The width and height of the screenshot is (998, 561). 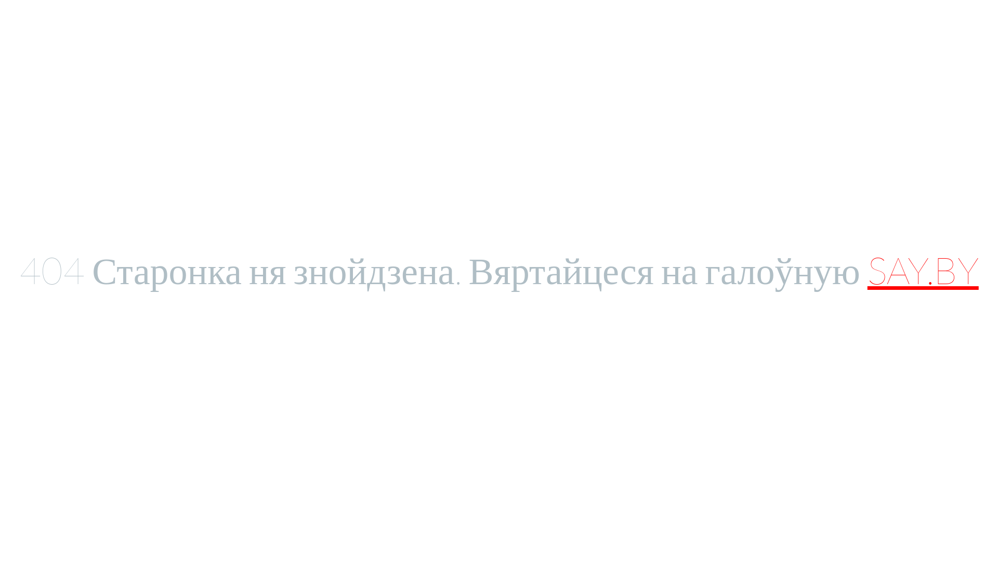 What do you see at coordinates (923, 269) in the screenshot?
I see `'SAY.BY'` at bounding box center [923, 269].